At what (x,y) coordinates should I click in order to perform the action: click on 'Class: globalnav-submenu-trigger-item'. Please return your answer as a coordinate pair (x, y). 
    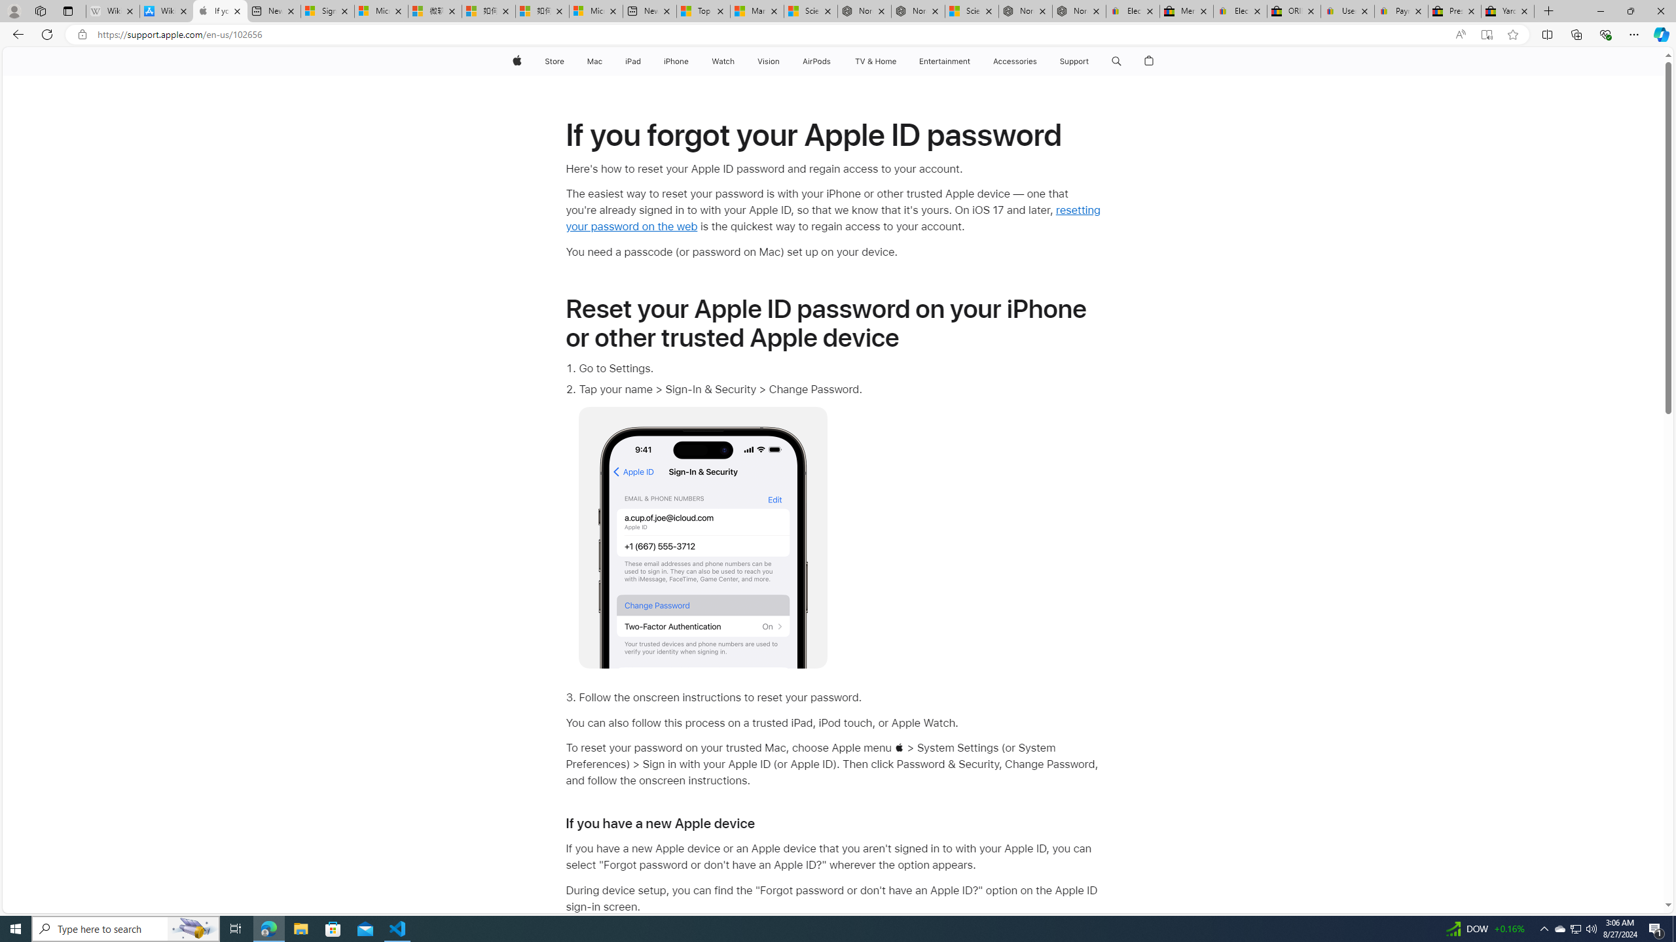
    Looking at the image, I should click on (1091, 61).